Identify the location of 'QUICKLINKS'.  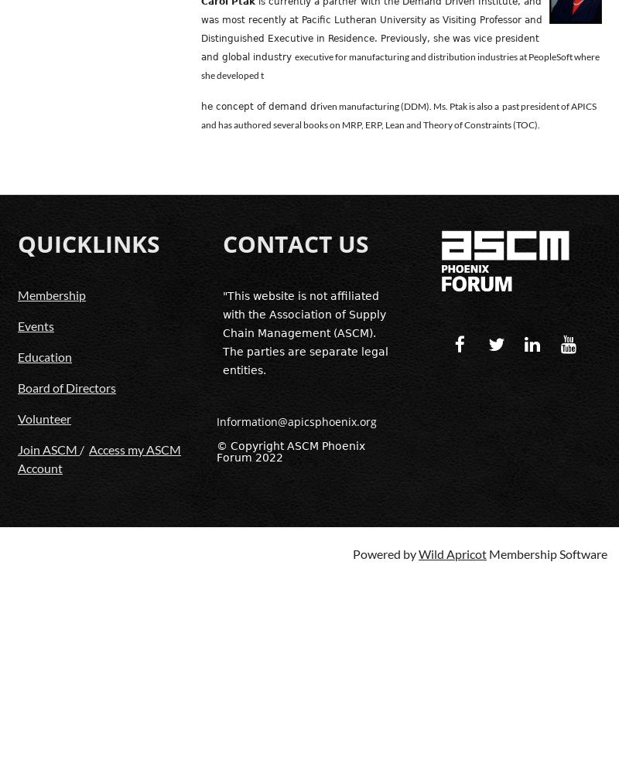
(87, 242).